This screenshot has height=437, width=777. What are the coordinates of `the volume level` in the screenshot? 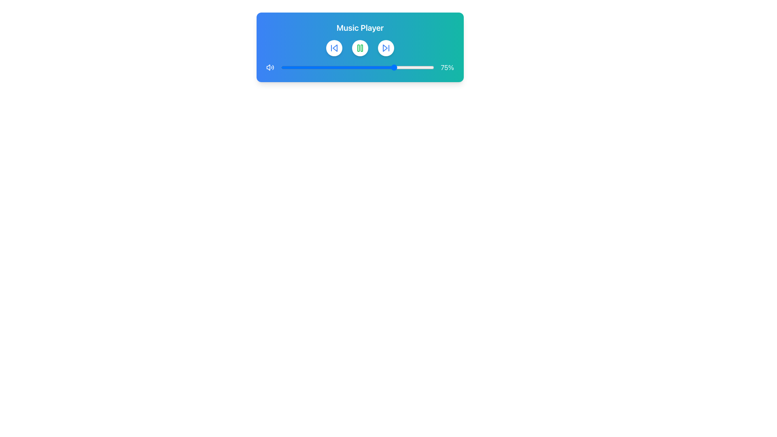 It's located at (334, 67).